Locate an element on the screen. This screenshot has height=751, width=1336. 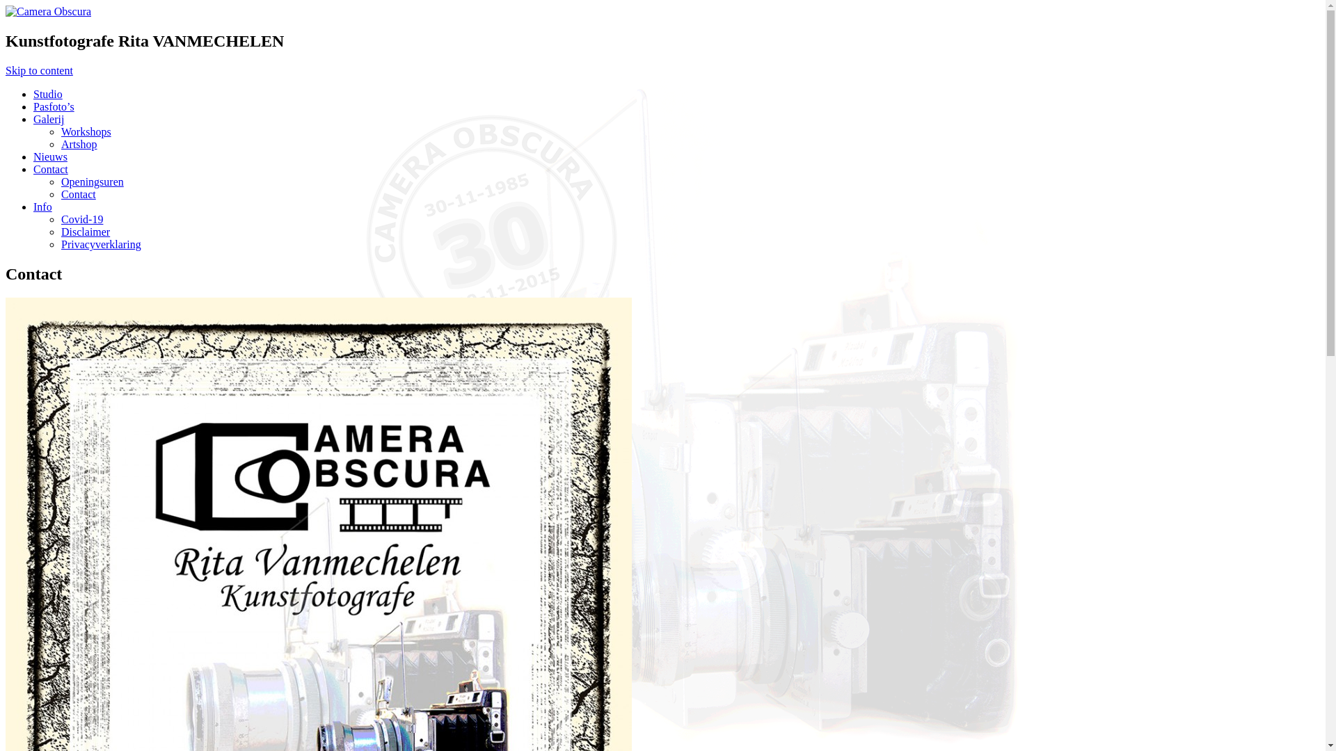
'Contact' is located at coordinates (33, 168).